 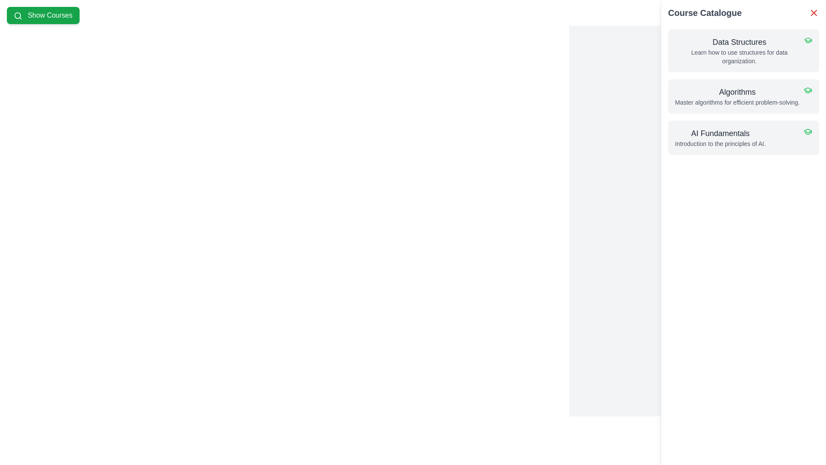 I want to click on the 'Algorithms' informative card in the list, so click(x=737, y=96).